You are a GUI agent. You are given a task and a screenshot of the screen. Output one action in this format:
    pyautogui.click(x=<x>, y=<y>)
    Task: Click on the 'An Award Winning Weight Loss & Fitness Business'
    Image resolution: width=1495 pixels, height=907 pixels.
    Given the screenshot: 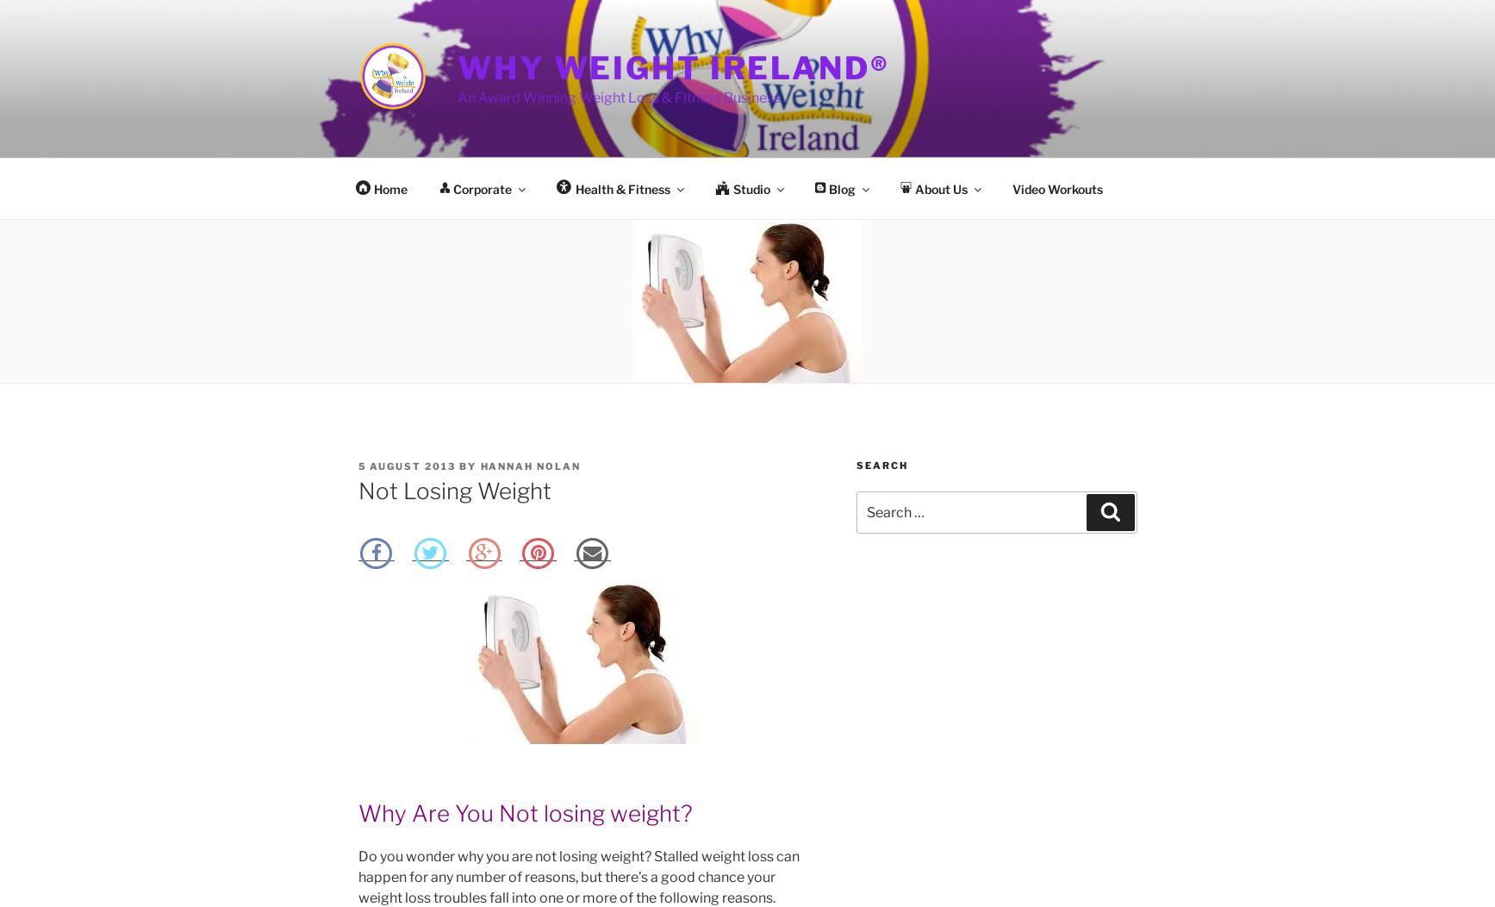 What is the action you would take?
    pyautogui.click(x=619, y=97)
    